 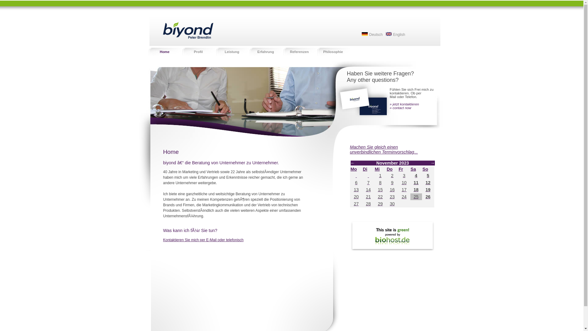 I want to click on '14', so click(x=368, y=189).